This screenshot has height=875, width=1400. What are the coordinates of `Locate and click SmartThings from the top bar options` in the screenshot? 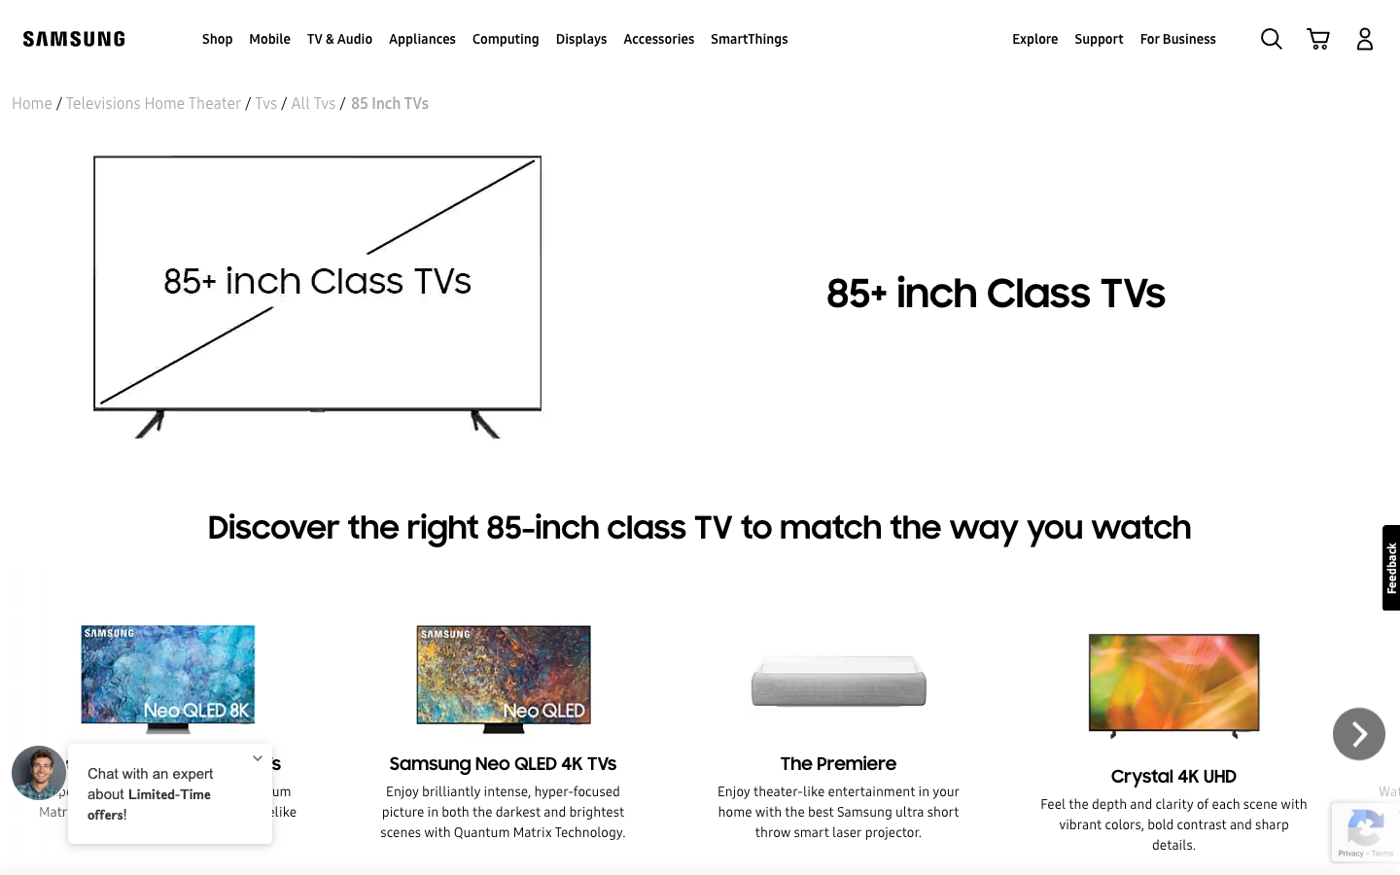 It's located at (748, 37).